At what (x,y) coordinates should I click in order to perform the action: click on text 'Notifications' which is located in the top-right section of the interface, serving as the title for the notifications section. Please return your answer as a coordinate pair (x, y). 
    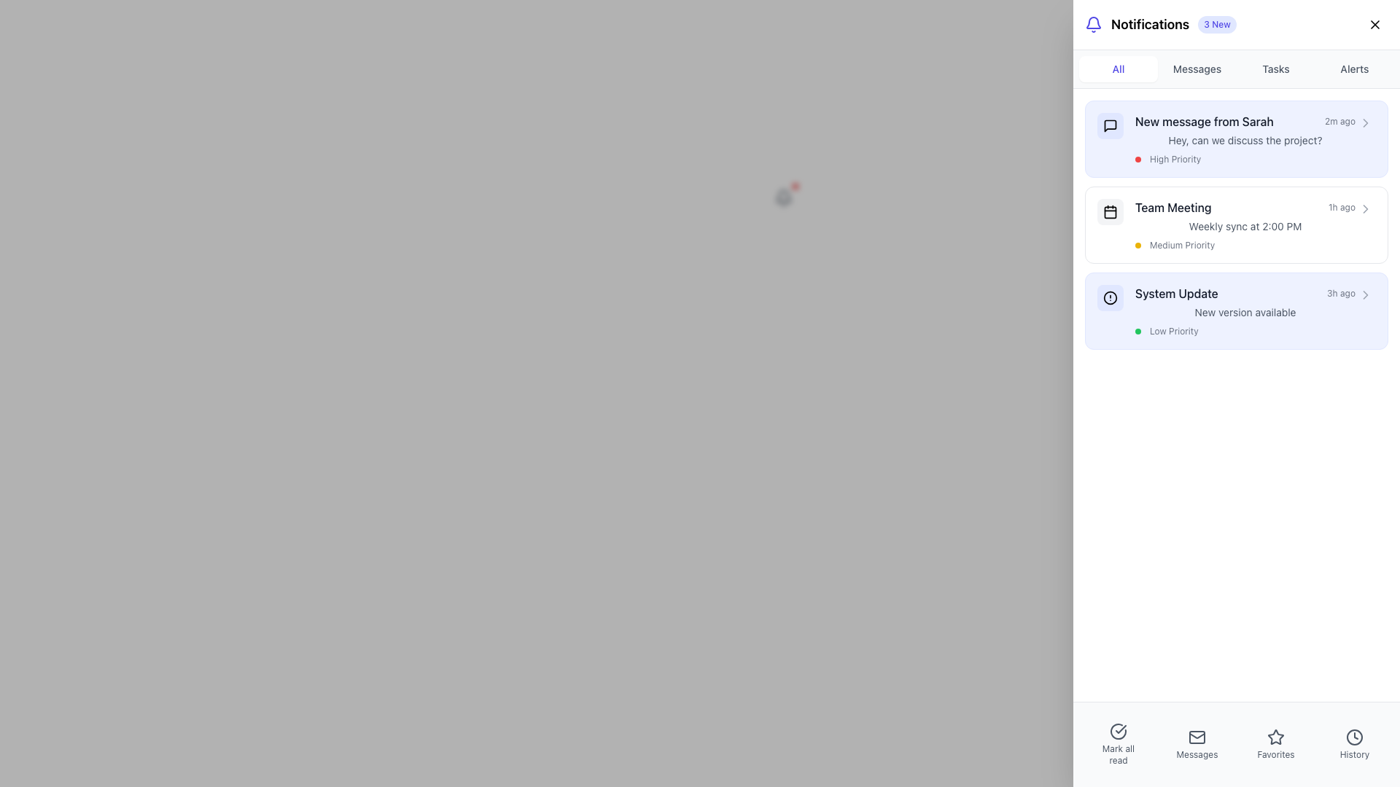
    Looking at the image, I should click on (1149, 25).